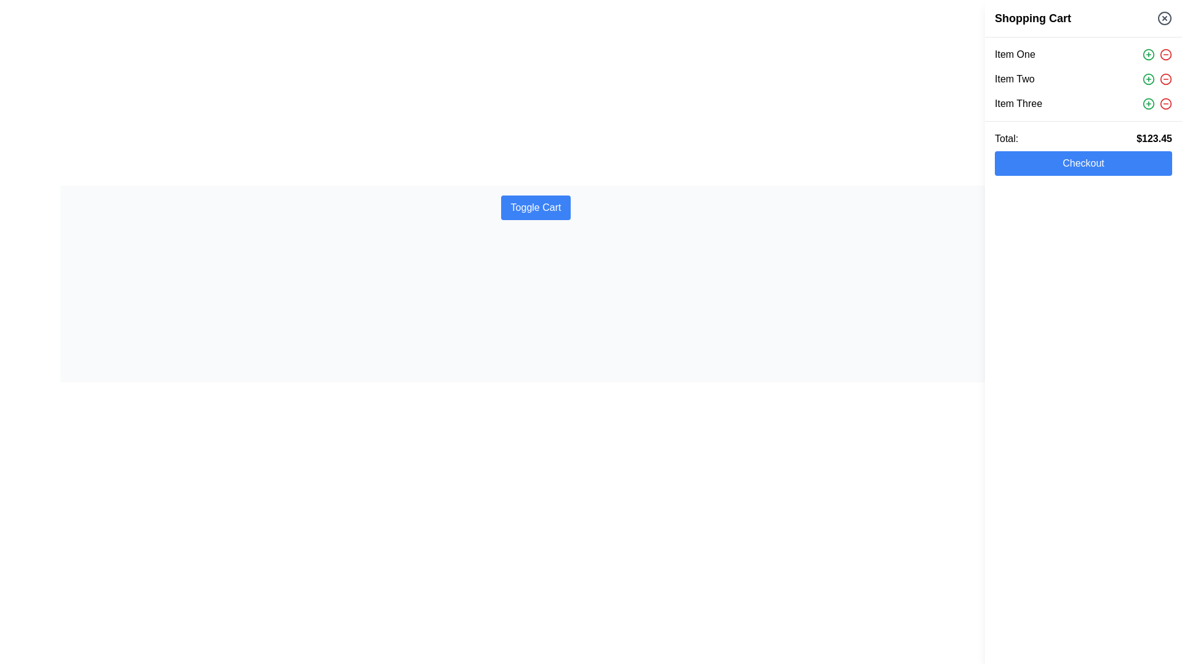 The width and height of the screenshot is (1182, 664). Describe the element at coordinates (1157, 103) in the screenshot. I see `the green '+' button in the interactive buttons group associated with 'Item Three' in the shopping cart interface to increase the quantity` at that location.